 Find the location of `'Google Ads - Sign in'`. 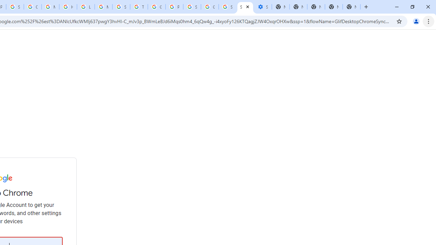

'Google Ads - Sign in' is located at coordinates (156, 7).